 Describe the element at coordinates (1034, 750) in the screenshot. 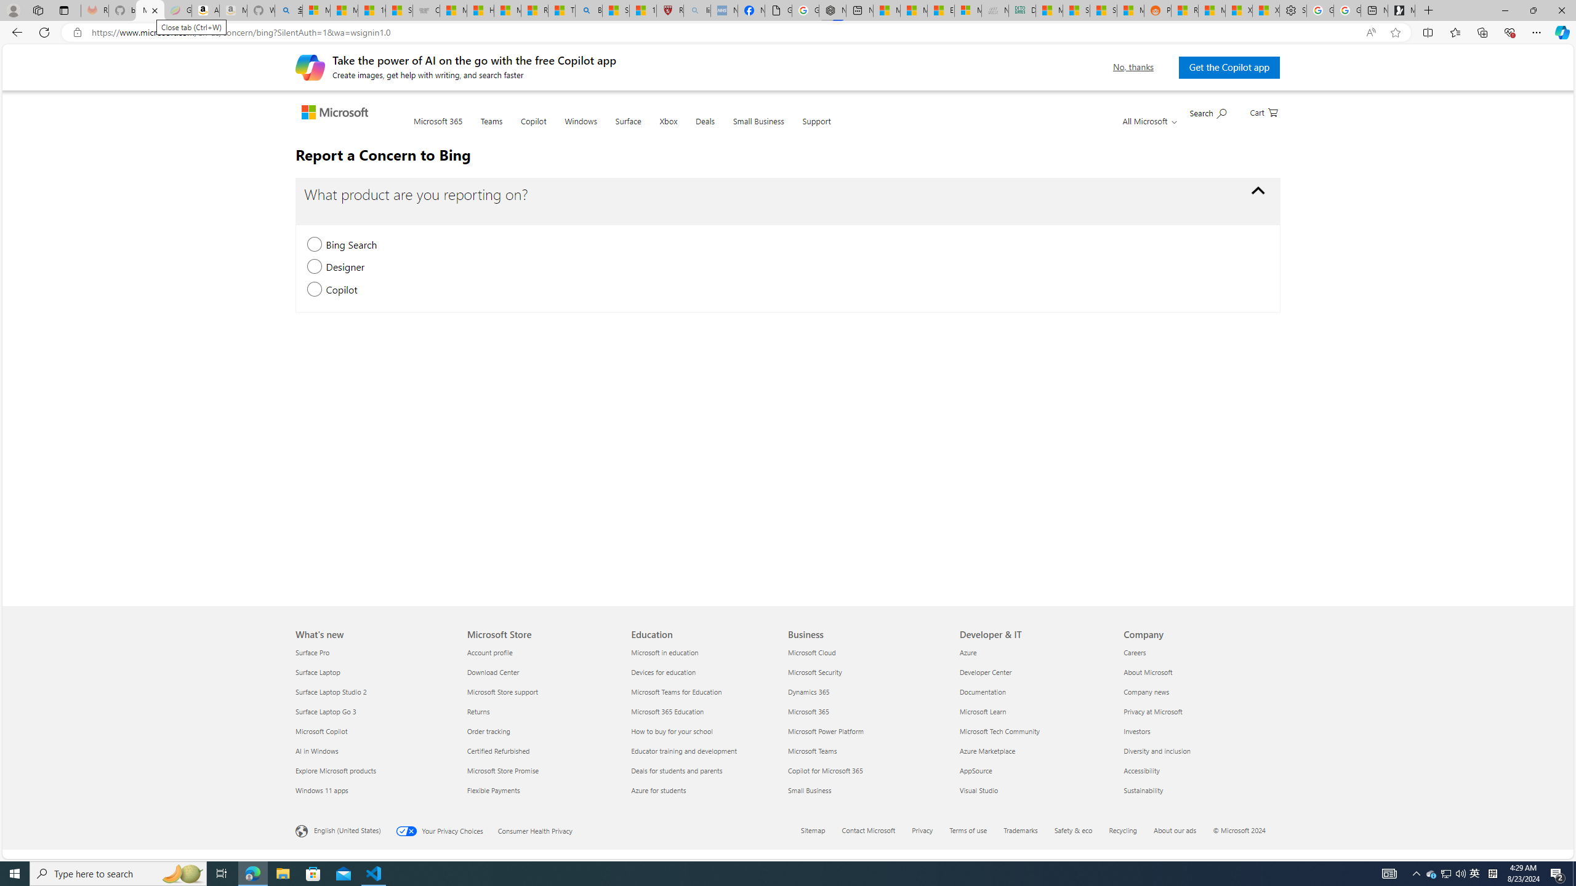

I see `'Azure Marketplace'` at that location.